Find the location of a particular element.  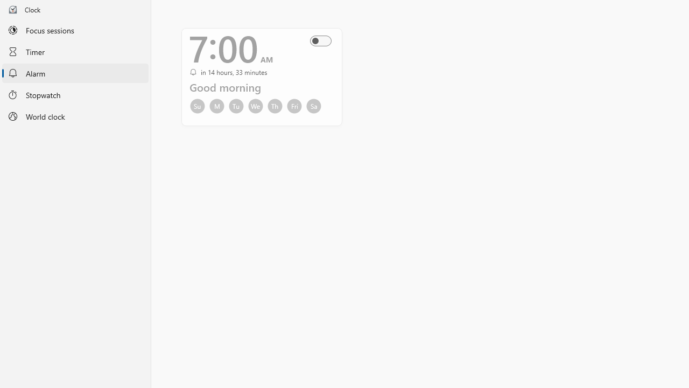

'Alarm' is located at coordinates (75, 73).